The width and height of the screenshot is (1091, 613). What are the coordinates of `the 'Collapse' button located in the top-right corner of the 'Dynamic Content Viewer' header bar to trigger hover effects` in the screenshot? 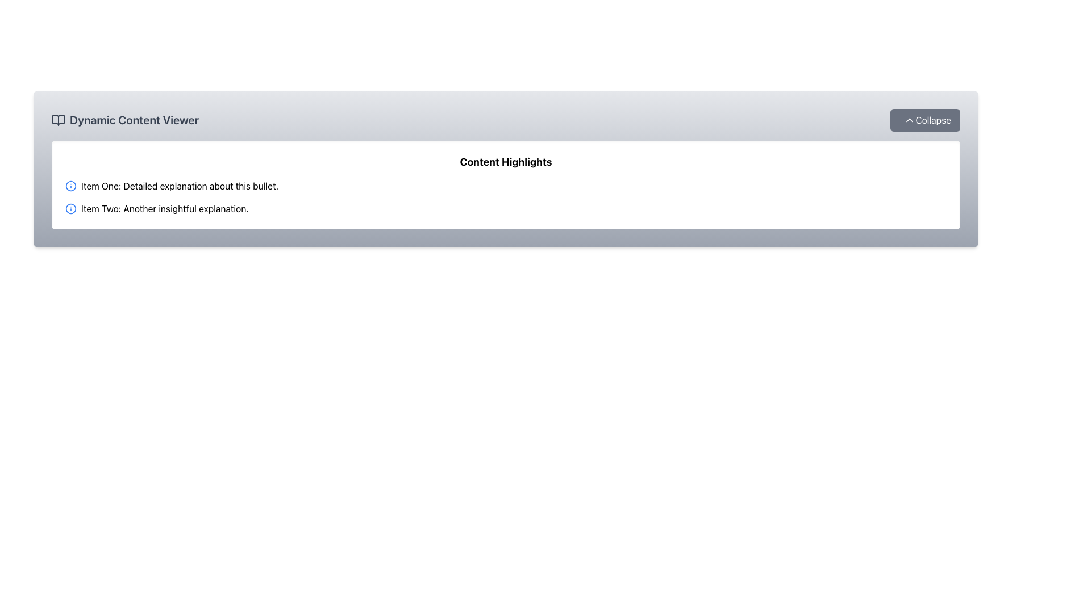 It's located at (925, 120).